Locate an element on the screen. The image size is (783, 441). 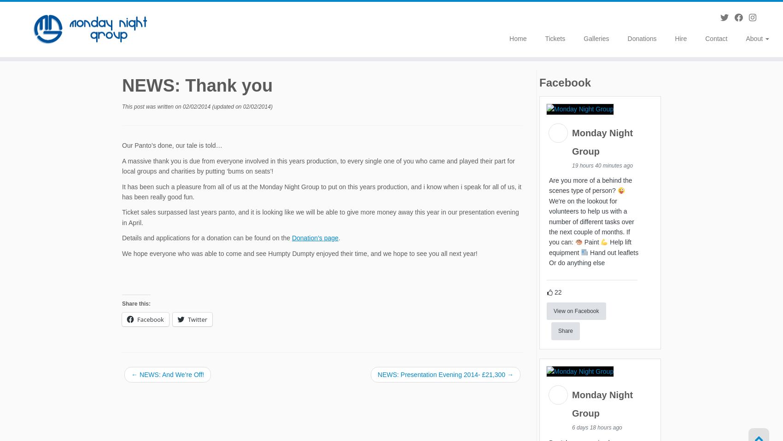
'6 days 18 hours ago' is located at coordinates (597, 429).